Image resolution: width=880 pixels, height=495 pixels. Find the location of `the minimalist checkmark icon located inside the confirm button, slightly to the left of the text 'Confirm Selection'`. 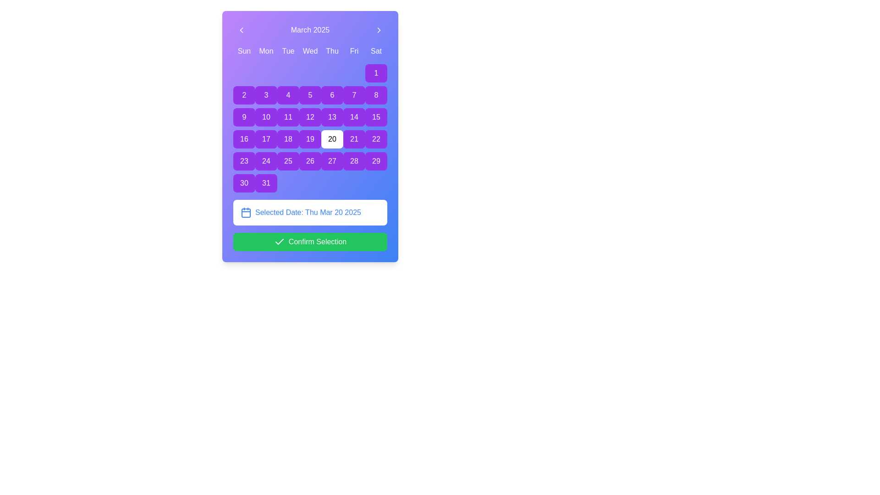

the minimalist checkmark icon located inside the confirm button, slightly to the left of the text 'Confirm Selection' is located at coordinates (279, 241).